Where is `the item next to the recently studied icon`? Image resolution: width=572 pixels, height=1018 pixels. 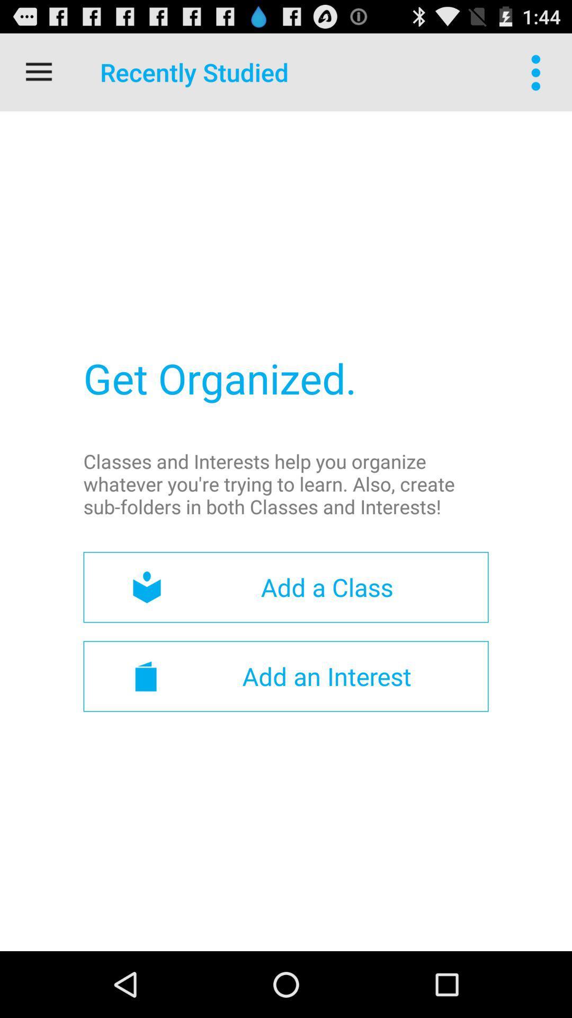
the item next to the recently studied icon is located at coordinates (38, 72).